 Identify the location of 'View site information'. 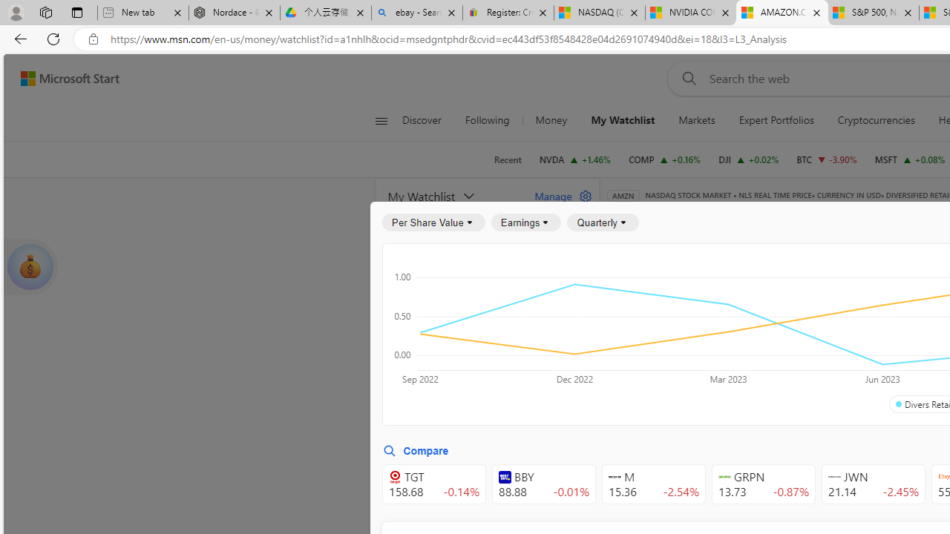
(93, 39).